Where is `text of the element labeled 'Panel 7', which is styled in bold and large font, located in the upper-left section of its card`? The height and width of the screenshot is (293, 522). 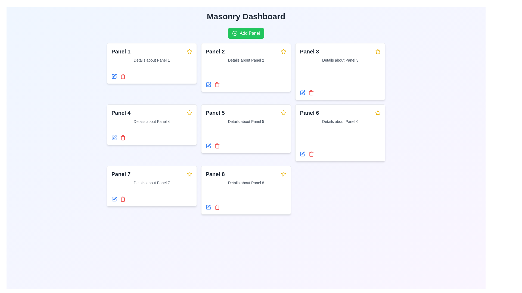 text of the element labeled 'Panel 7', which is styled in bold and large font, located in the upper-left section of its card is located at coordinates (121, 174).